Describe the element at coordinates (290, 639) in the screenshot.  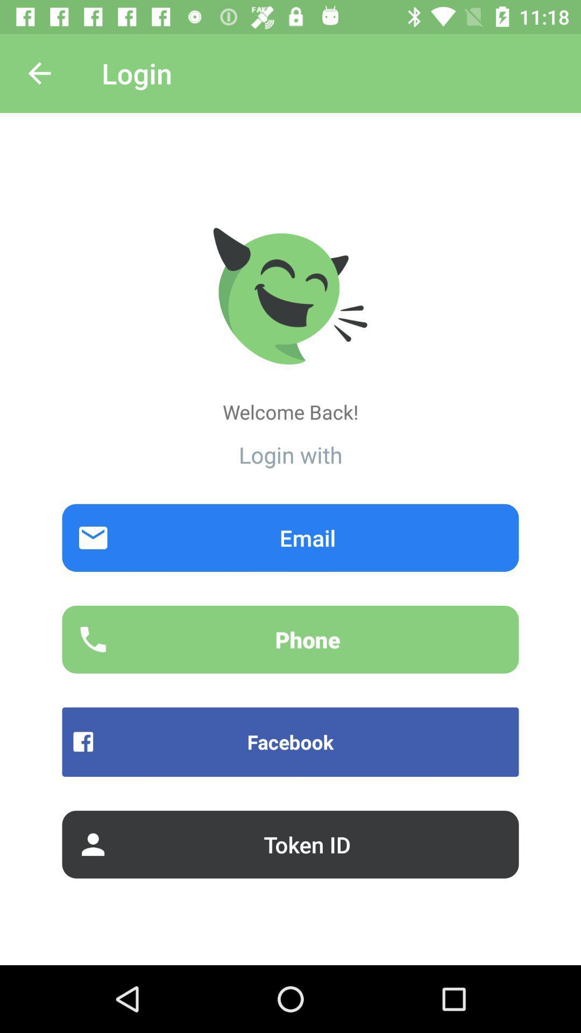
I see `the icon below email item` at that location.